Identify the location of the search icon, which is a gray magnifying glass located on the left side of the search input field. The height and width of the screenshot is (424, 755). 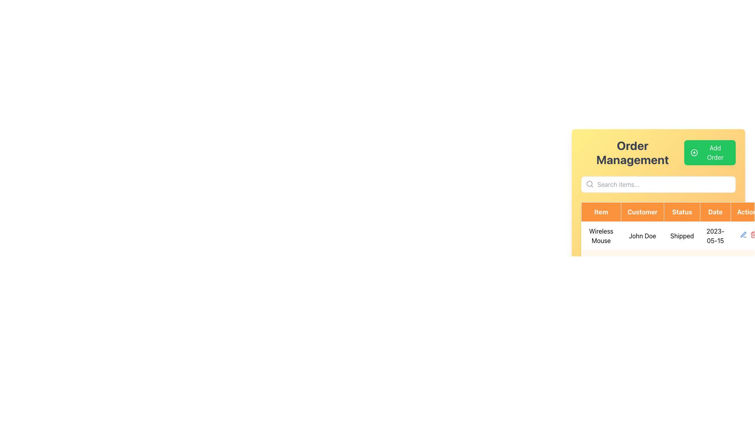
(589, 184).